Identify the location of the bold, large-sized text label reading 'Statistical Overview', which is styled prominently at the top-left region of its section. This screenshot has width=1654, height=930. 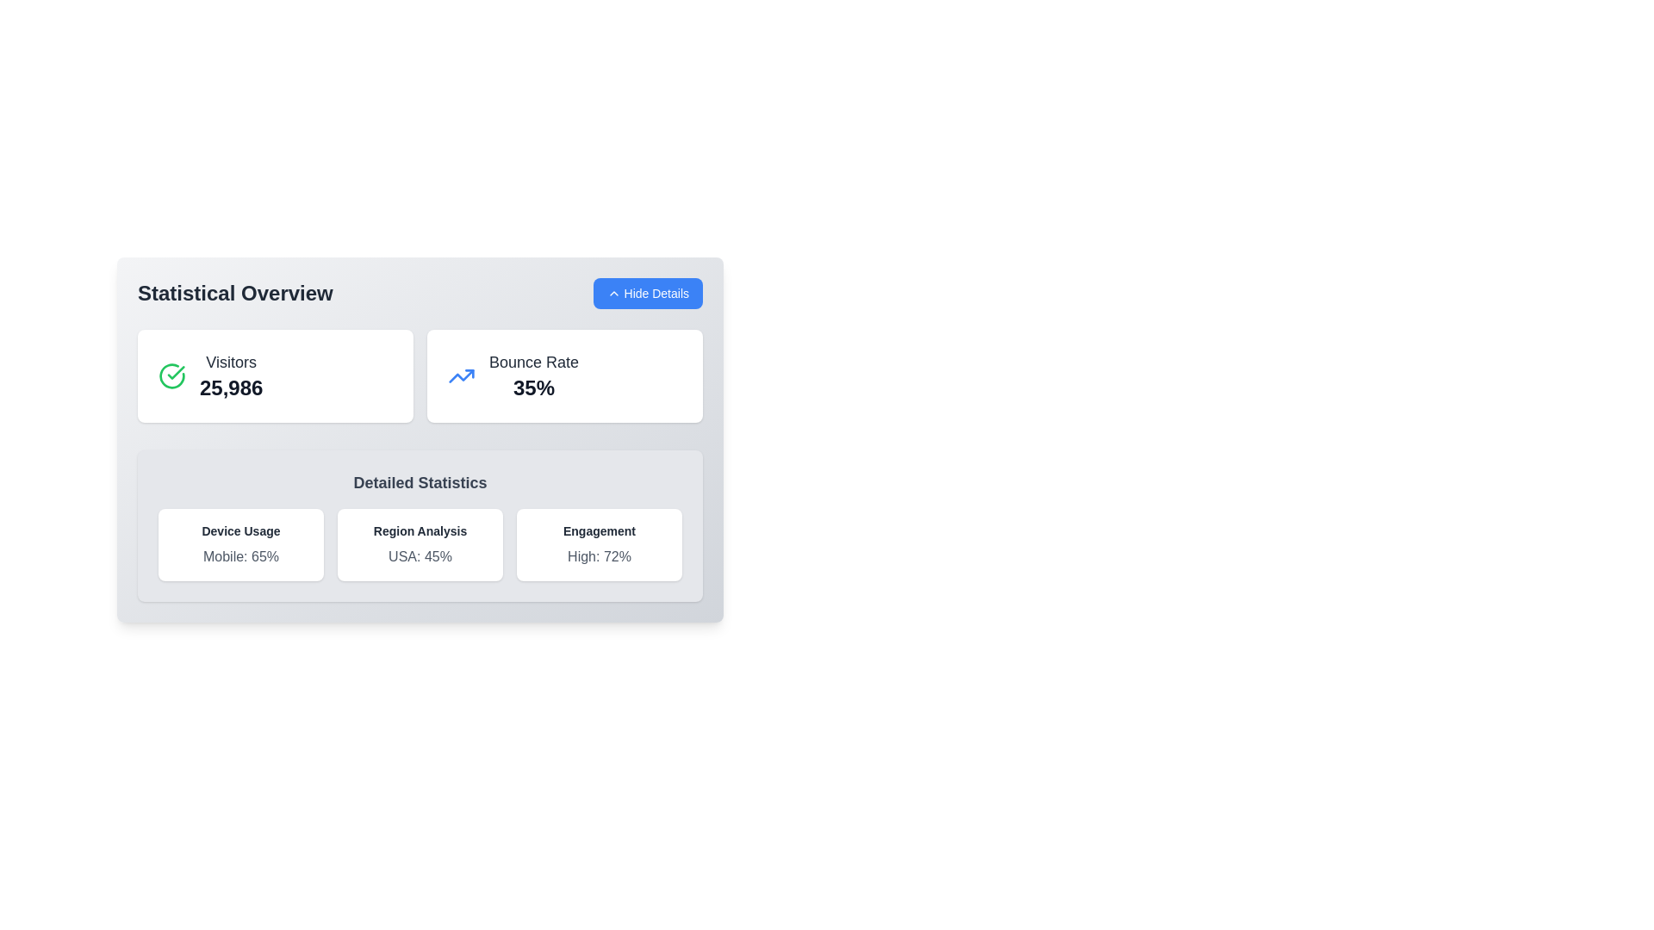
(234, 292).